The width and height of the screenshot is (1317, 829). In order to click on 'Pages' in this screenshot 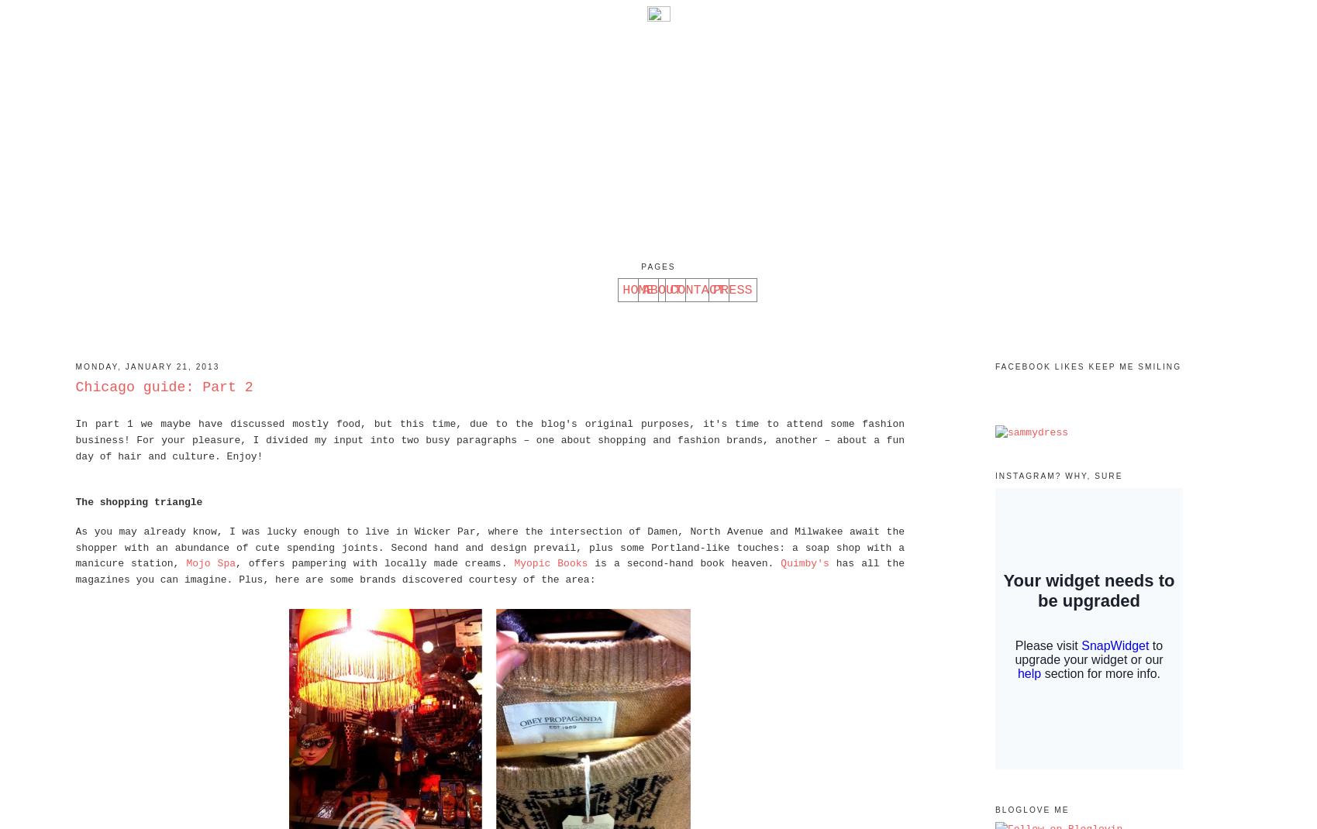, I will do `click(657, 267)`.